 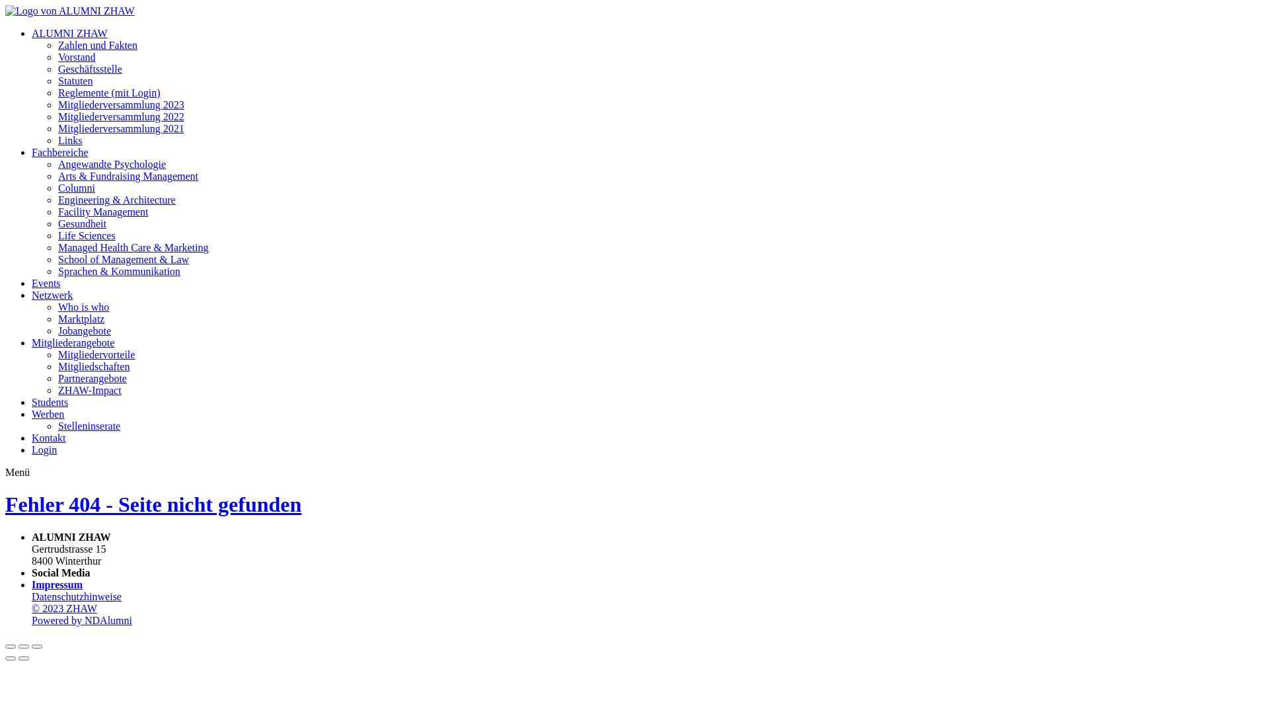 What do you see at coordinates (57, 259) in the screenshot?
I see `'School of Management & Law'` at bounding box center [57, 259].